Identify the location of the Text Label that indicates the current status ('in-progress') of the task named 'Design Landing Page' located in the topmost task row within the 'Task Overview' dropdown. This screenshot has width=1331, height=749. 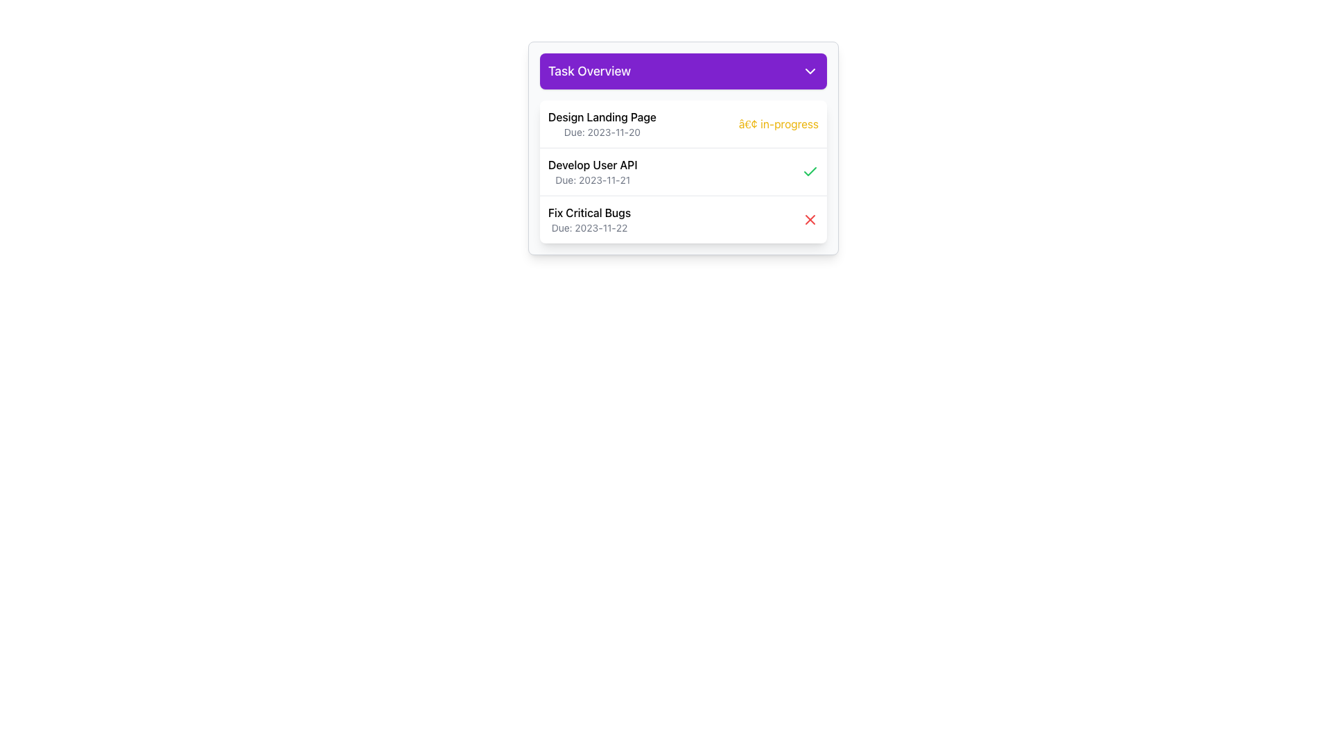
(778, 123).